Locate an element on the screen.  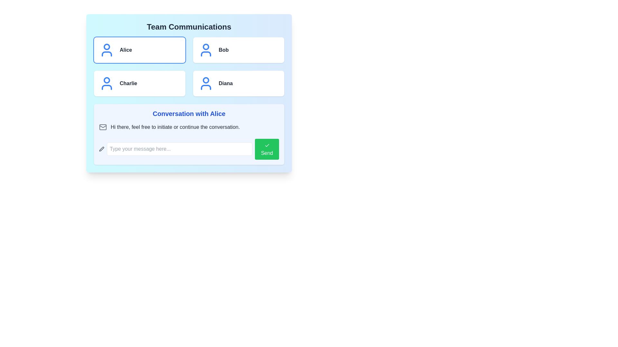
the lower part of the user icon representing Diana, located in the bottom-right corner of the Team Communications interface is located at coordinates (205, 87).